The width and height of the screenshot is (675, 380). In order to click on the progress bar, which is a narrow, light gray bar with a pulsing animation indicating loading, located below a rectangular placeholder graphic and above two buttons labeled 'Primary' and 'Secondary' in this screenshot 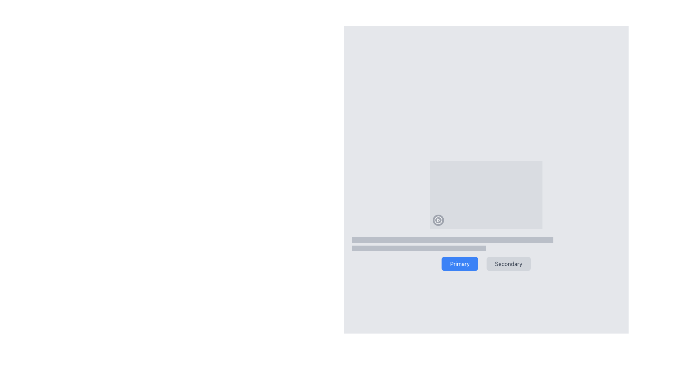, I will do `click(452, 240)`.